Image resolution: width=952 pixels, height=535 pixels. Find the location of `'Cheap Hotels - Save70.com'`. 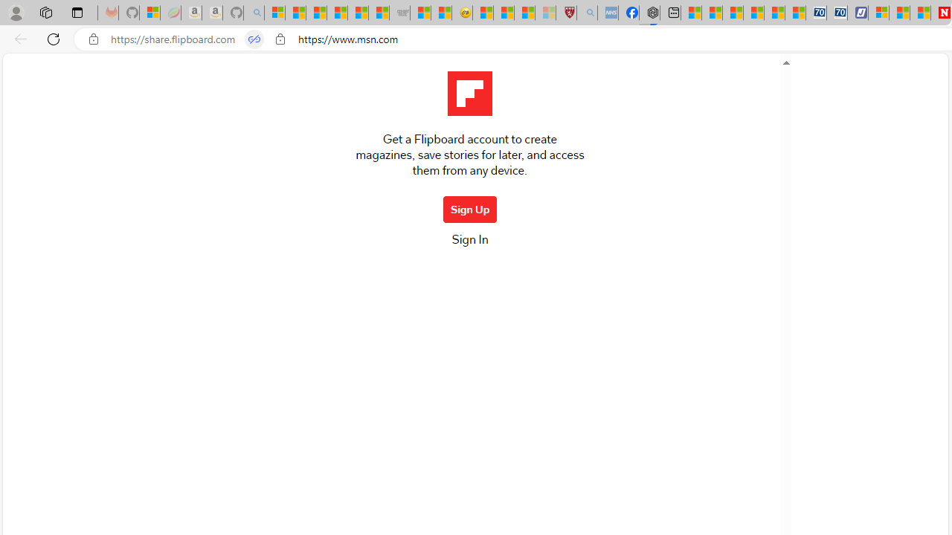

'Cheap Hotels - Save70.com' is located at coordinates (837, 13).